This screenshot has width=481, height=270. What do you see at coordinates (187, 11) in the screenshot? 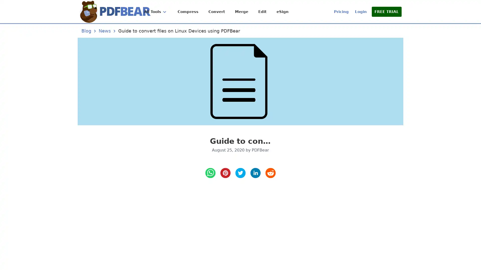
I see `Compress` at bounding box center [187, 11].